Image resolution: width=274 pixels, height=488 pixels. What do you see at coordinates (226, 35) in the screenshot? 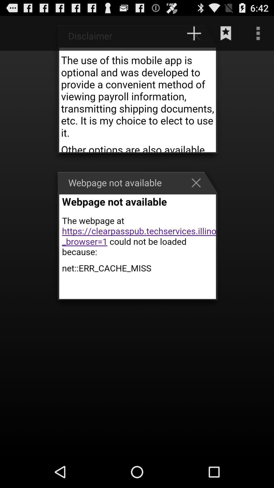
I see `the bookmark icon` at bounding box center [226, 35].